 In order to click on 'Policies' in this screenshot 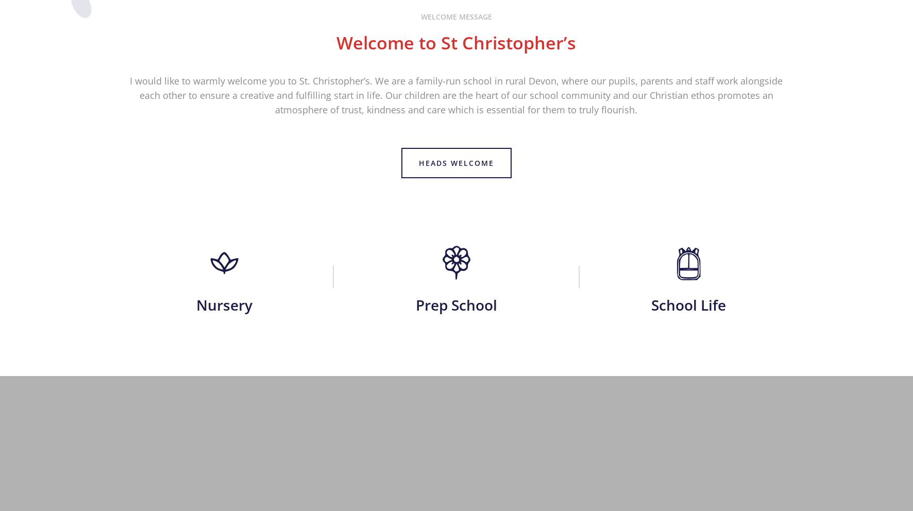, I will do `click(454, 498)`.